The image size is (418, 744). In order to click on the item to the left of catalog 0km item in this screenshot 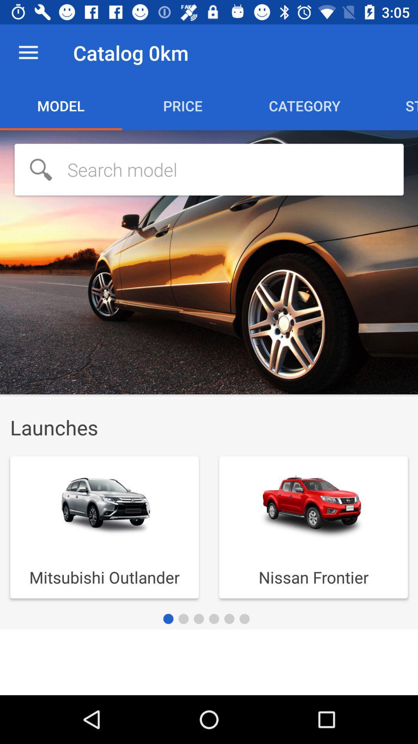, I will do `click(28, 52)`.